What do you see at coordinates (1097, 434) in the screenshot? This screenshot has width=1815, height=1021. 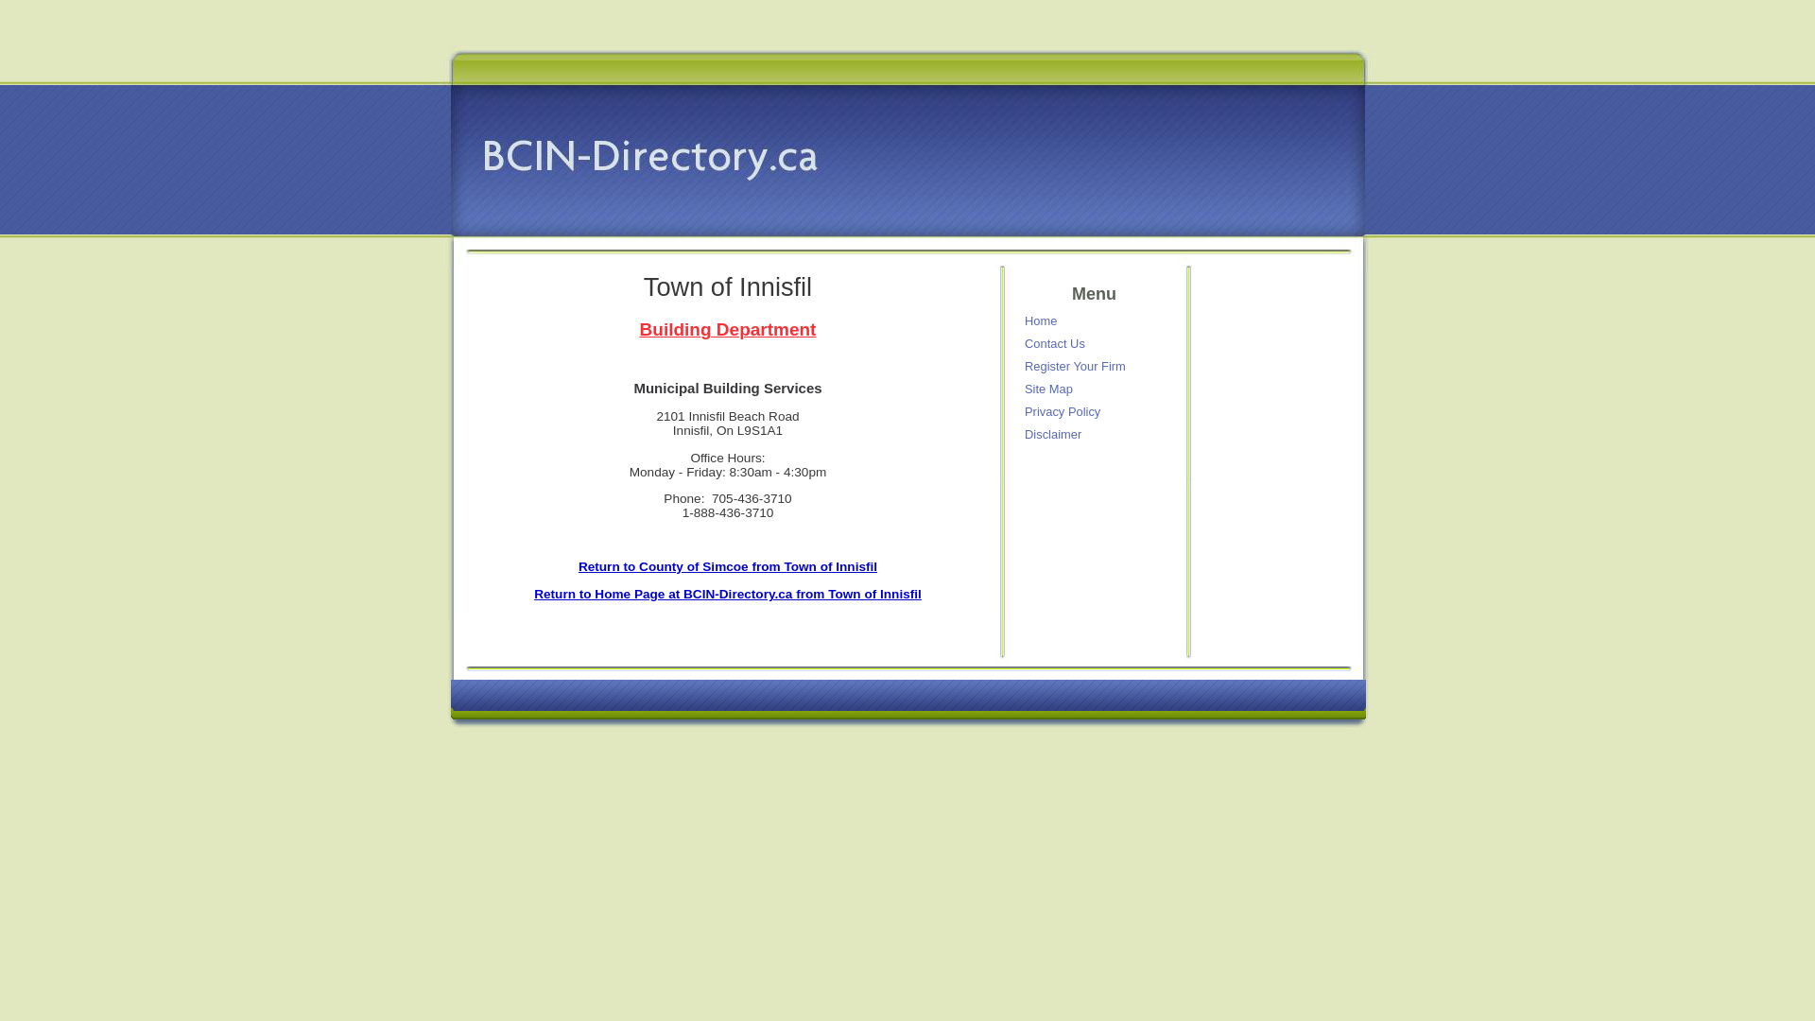 I see `'Disclaimer'` at bounding box center [1097, 434].